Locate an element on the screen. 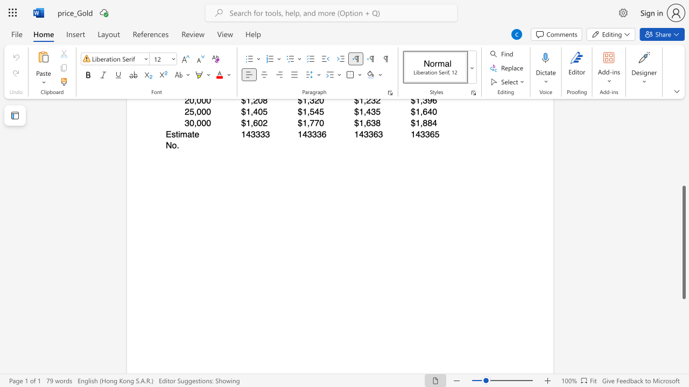  the scrollbar on the right to shift the page higher is located at coordinates (683, 139).